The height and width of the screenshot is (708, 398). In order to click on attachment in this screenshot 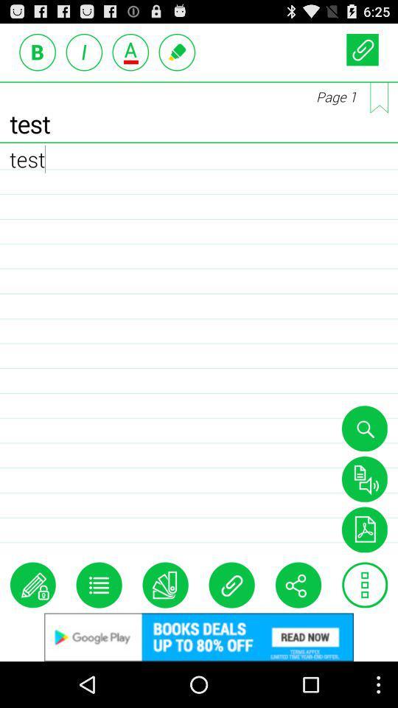, I will do `click(361, 49)`.